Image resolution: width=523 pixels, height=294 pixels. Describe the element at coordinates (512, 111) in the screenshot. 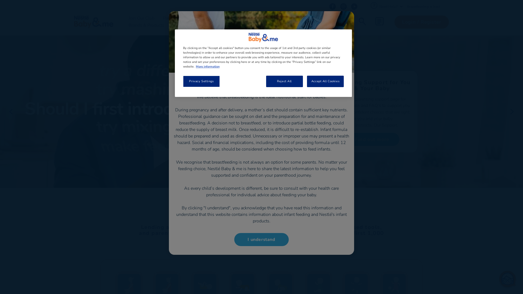

I see `'Next'` at that location.